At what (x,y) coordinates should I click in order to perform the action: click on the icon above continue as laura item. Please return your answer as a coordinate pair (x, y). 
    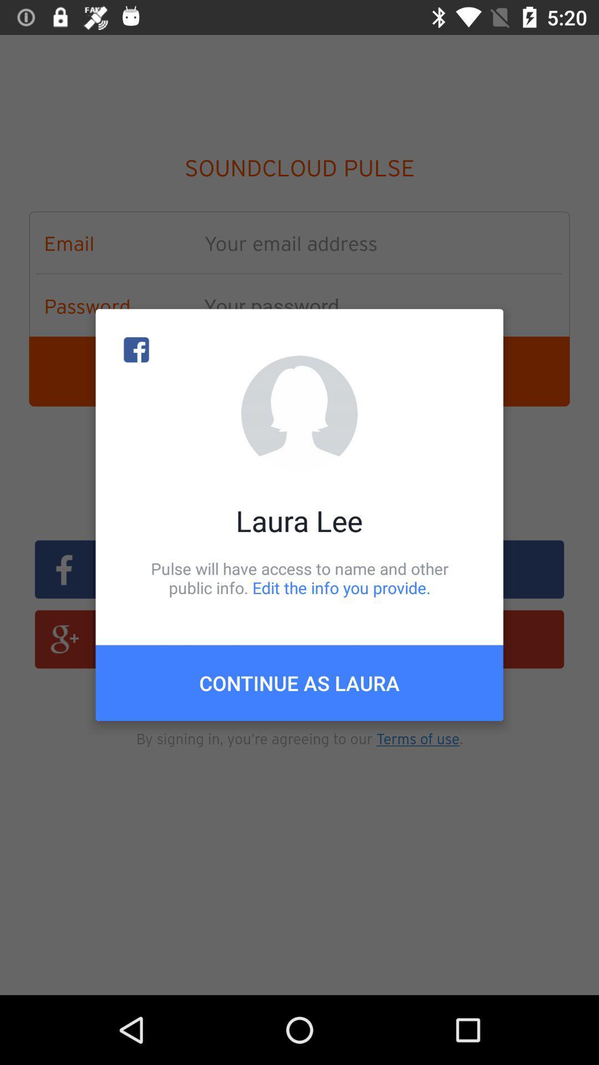
    Looking at the image, I should click on (299, 577).